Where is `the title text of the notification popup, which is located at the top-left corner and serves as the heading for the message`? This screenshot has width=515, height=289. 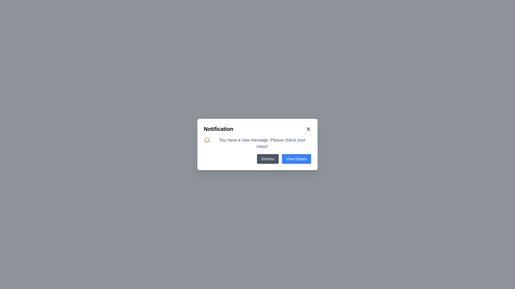 the title text of the notification popup, which is located at the top-left corner and serves as the heading for the message is located at coordinates (219, 129).